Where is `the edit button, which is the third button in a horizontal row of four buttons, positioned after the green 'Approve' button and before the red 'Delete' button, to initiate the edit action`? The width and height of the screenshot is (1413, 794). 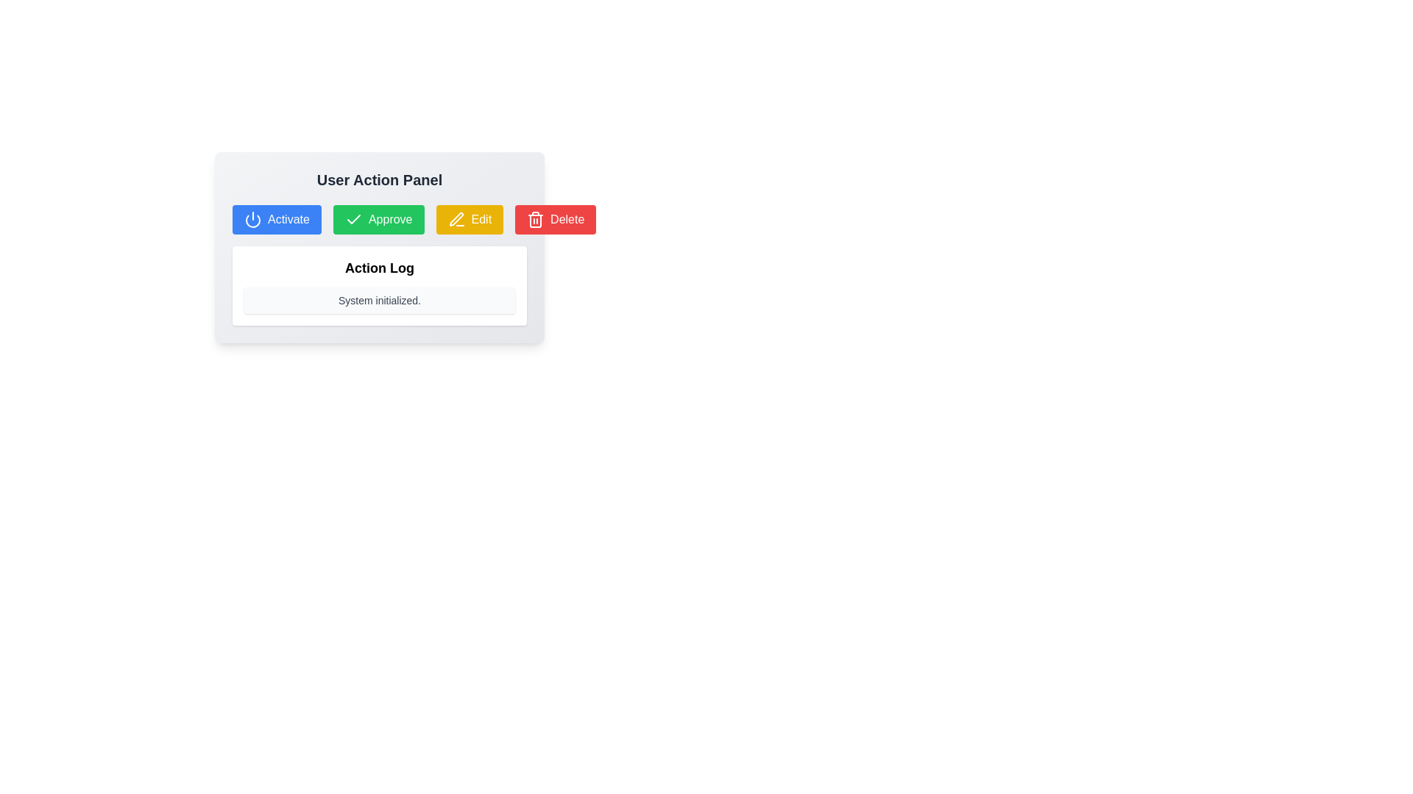 the edit button, which is the third button in a horizontal row of four buttons, positioned after the green 'Approve' button and before the red 'Delete' button, to initiate the edit action is located at coordinates (469, 220).